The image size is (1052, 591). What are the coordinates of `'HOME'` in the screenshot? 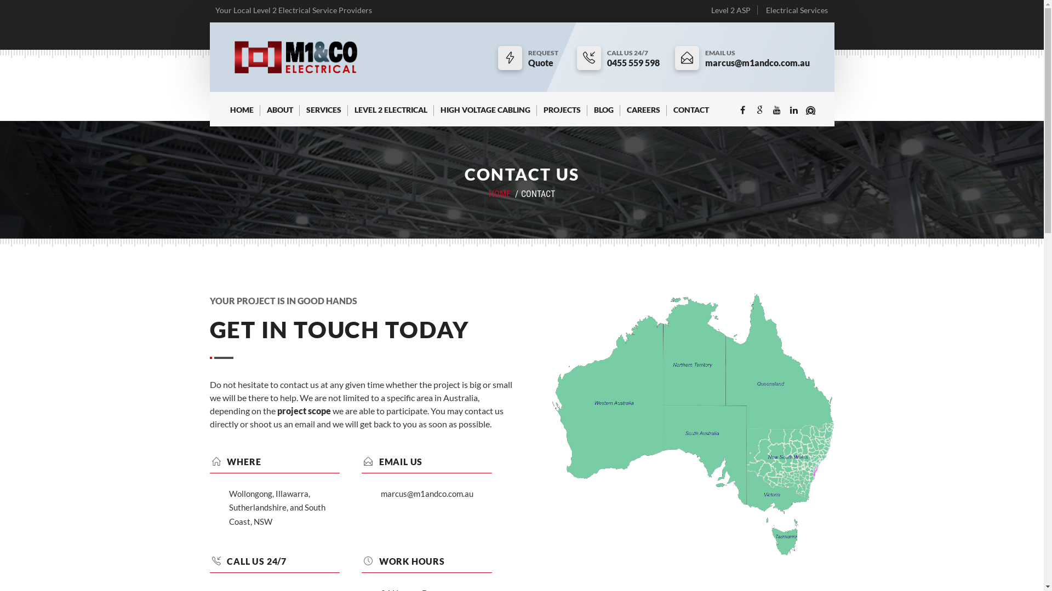 It's located at (499, 193).